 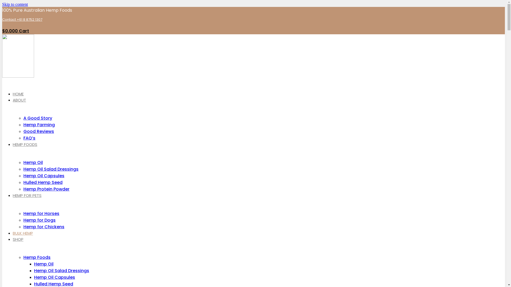 What do you see at coordinates (18, 239) in the screenshot?
I see `'SHOP'` at bounding box center [18, 239].